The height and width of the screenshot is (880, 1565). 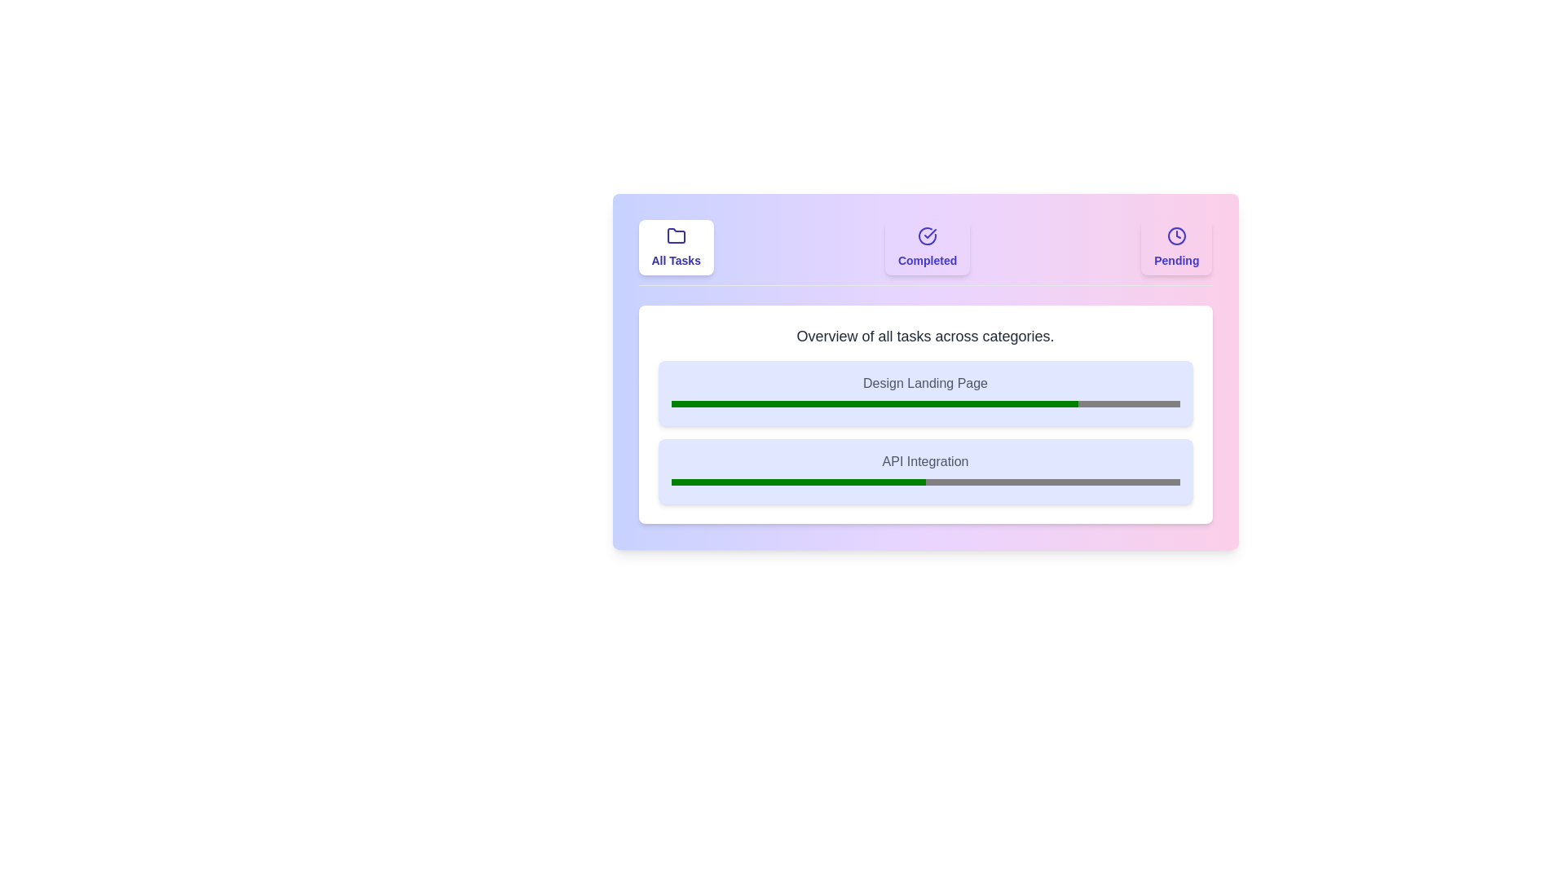 What do you see at coordinates (1176, 235) in the screenshot?
I see `the circular vector graphic element that indicates time within the 'Pending' button located at the top-right corner of the interface` at bounding box center [1176, 235].